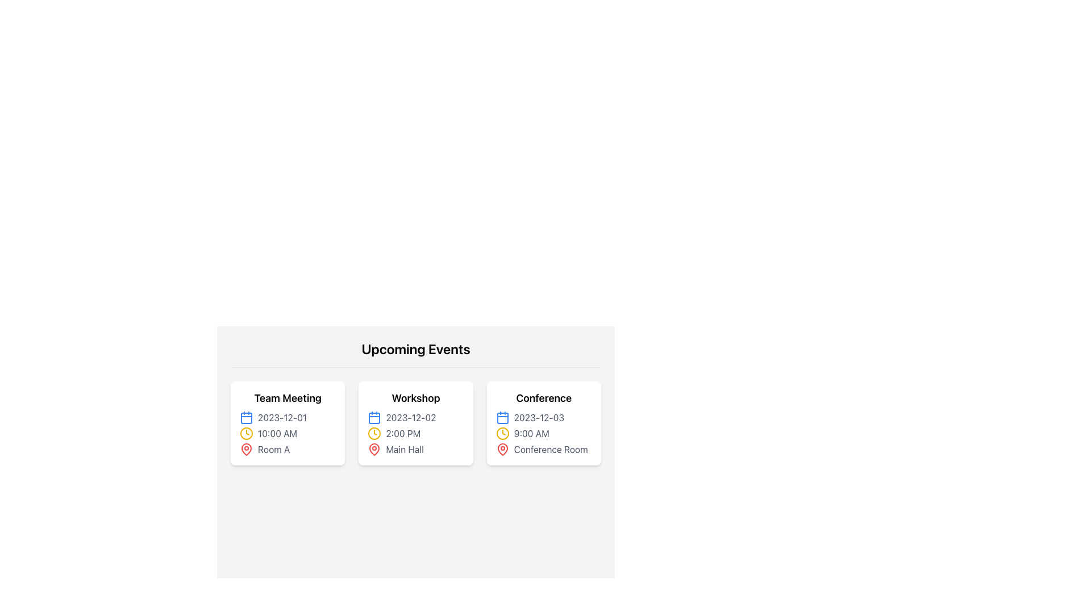 This screenshot has width=1091, height=613. What do you see at coordinates (502, 448) in the screenshot?
I see `the location indicator icon situated at the bottom right card above the text 'Conference Room' and beside the 9:00 AM timestamp` at bounding box center [502, 448].